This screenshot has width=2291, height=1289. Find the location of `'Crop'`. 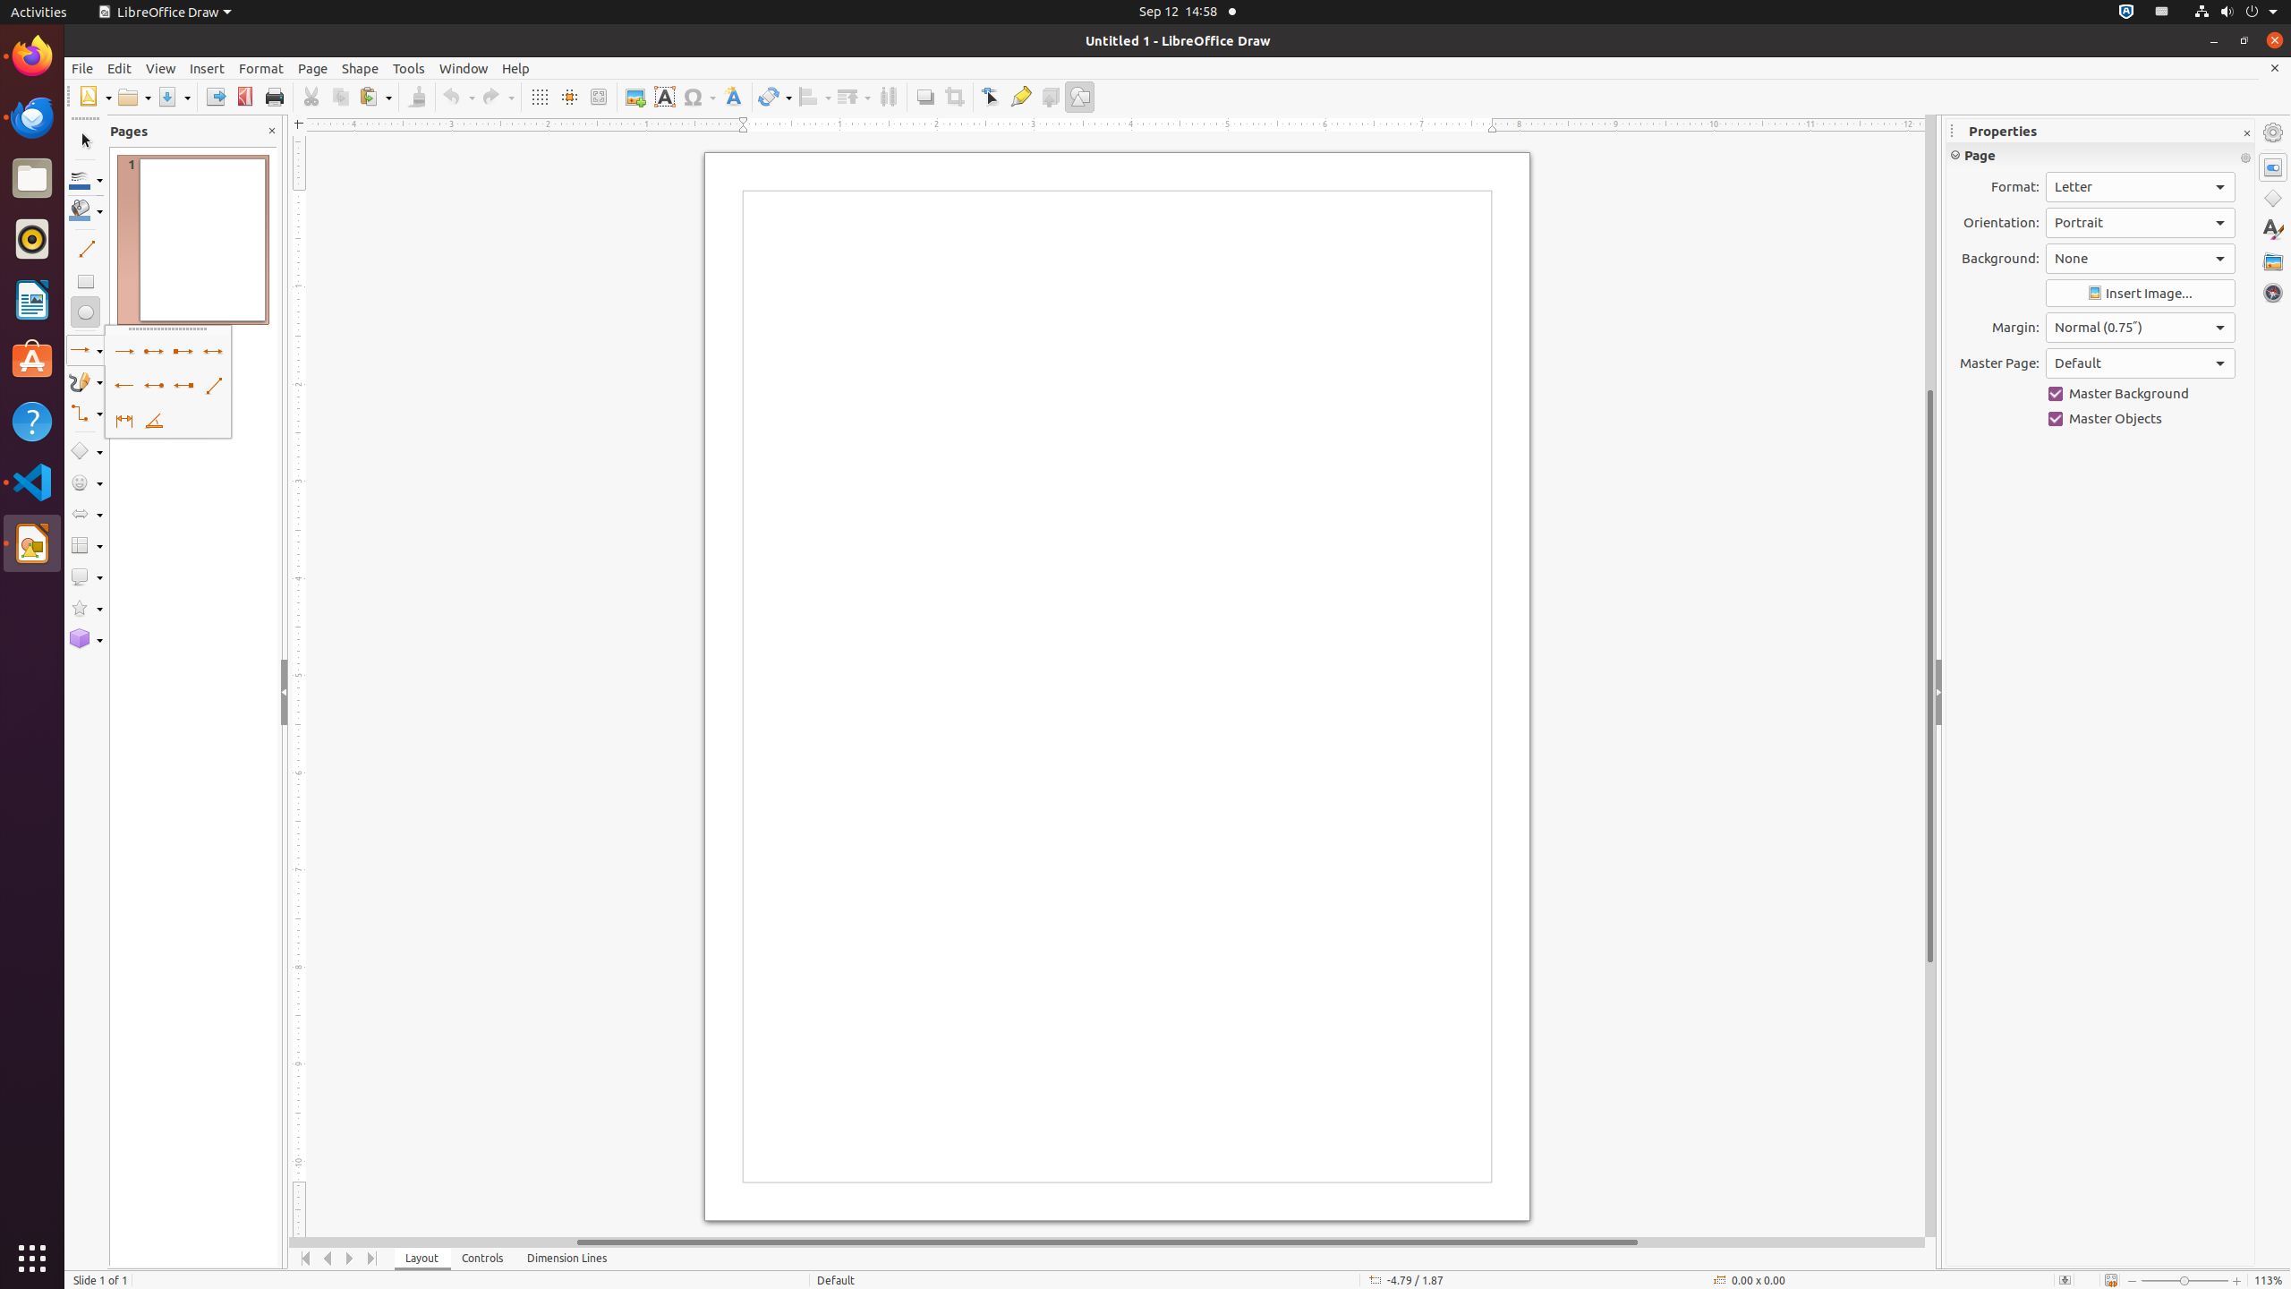

'Crop' is located at coordinates (953, 96).